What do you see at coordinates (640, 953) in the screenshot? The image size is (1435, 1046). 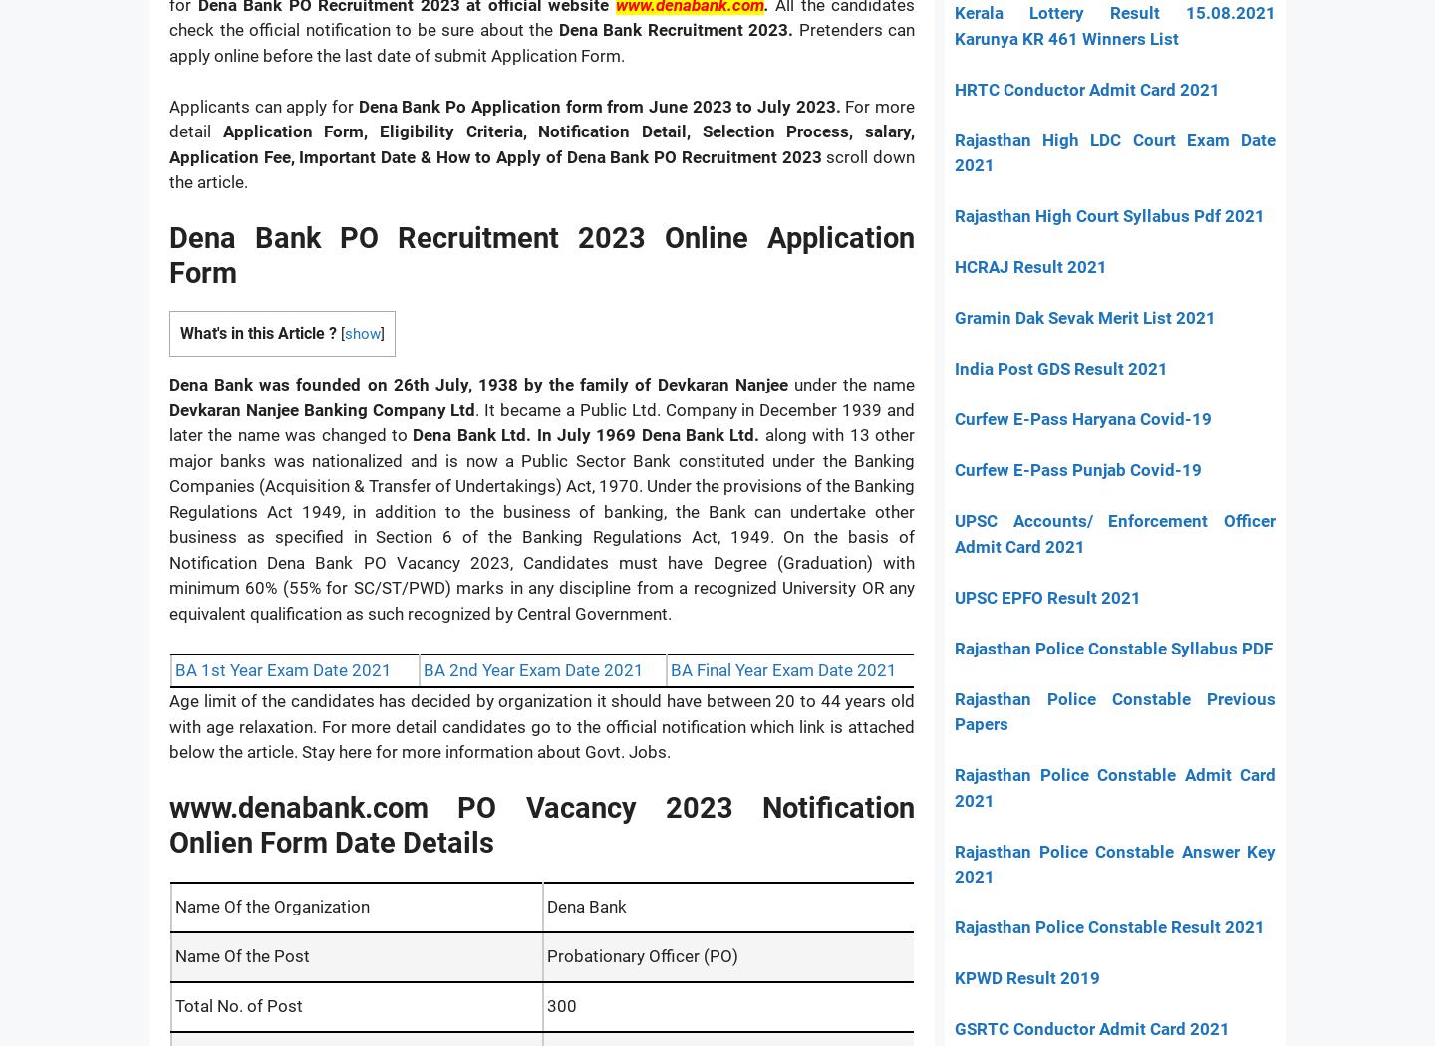 I see `'Probationary Officer (PO)'` at bounding box center [640, 953].